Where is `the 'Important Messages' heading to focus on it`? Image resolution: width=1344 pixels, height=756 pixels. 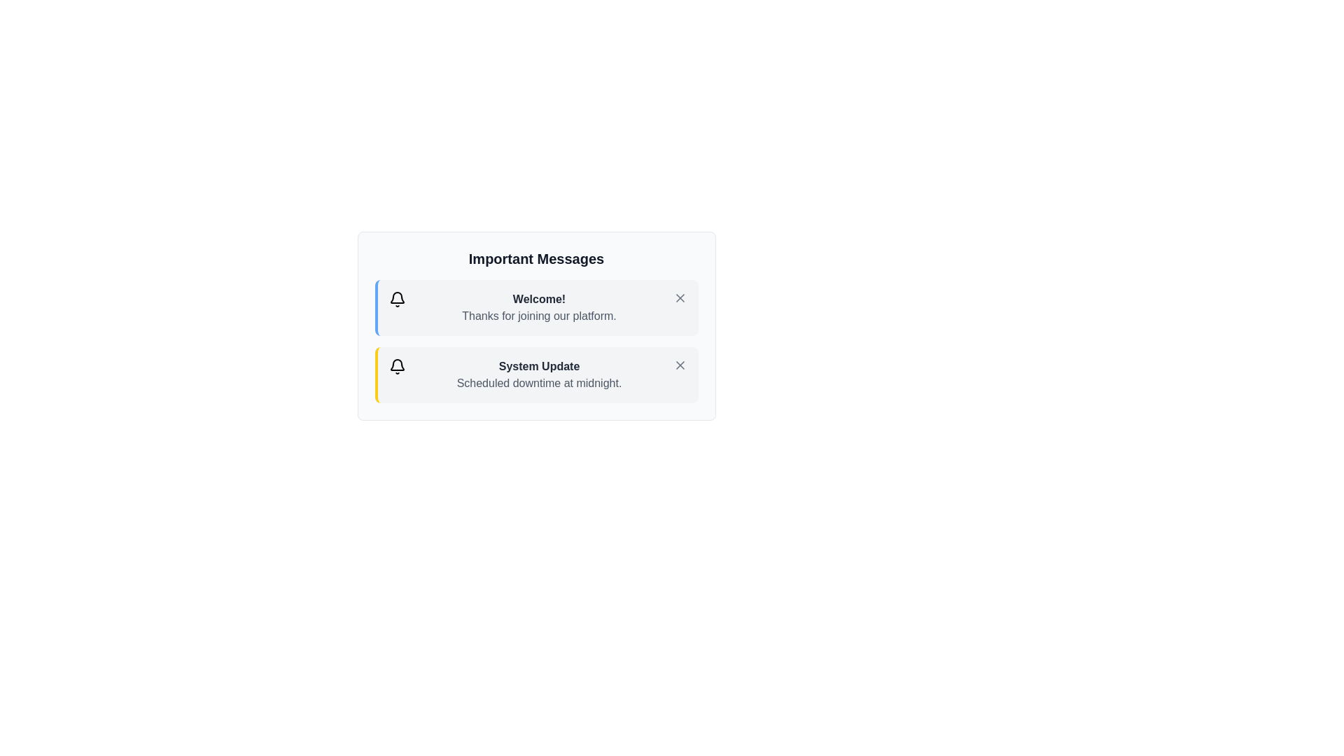
the 'Important Messages' heading to focus on it is located at coordinates (535, 259).